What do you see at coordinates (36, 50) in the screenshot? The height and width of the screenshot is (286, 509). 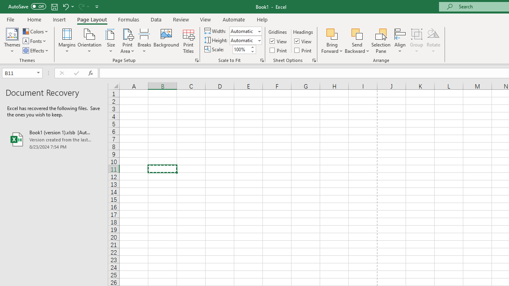 I see `'Effects'` at bounding box center [36, 50].